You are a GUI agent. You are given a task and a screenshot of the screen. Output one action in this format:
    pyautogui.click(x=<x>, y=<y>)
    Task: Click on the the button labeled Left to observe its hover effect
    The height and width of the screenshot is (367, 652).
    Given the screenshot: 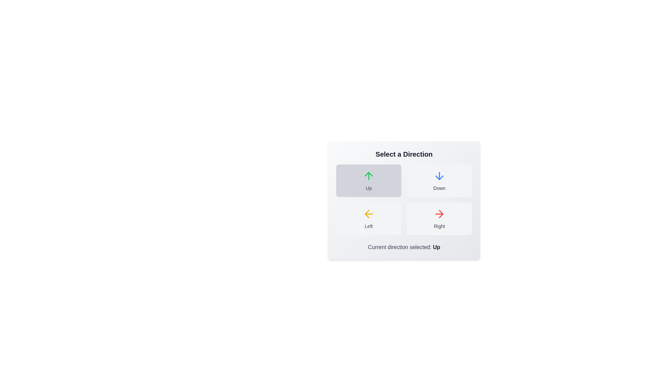 What is the action you would take?
    pyautogui.click(x=368, y=219)
    